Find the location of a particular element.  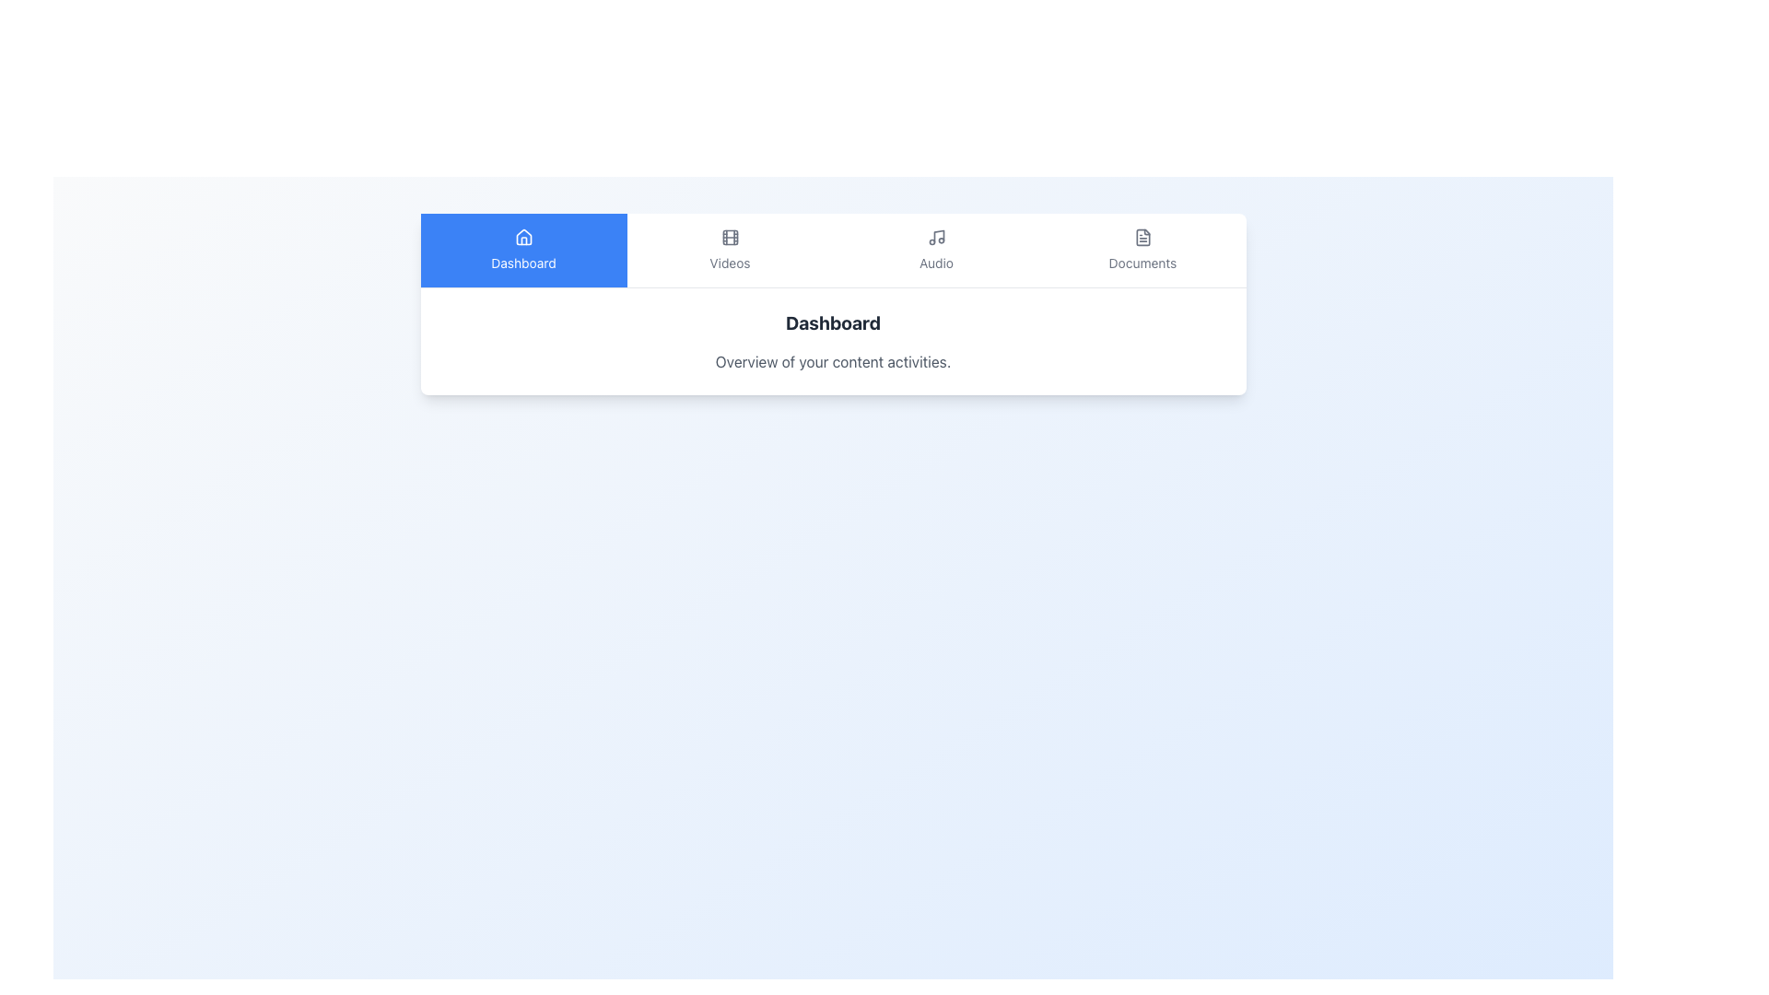

the 'Dashboard' text label that identifies the navigation option in the blue square section on the left side of the navigation bar is located at coordinates (522, 263).